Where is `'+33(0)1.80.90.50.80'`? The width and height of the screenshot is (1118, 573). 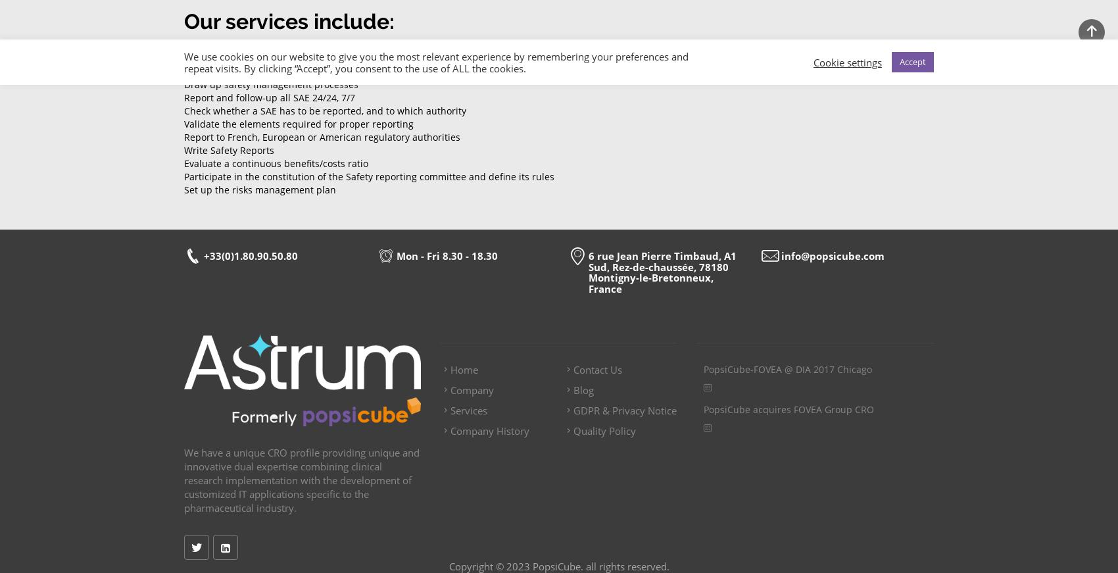
'+33(0)1.80.90.50.80' is located at coordinates (250, 255).